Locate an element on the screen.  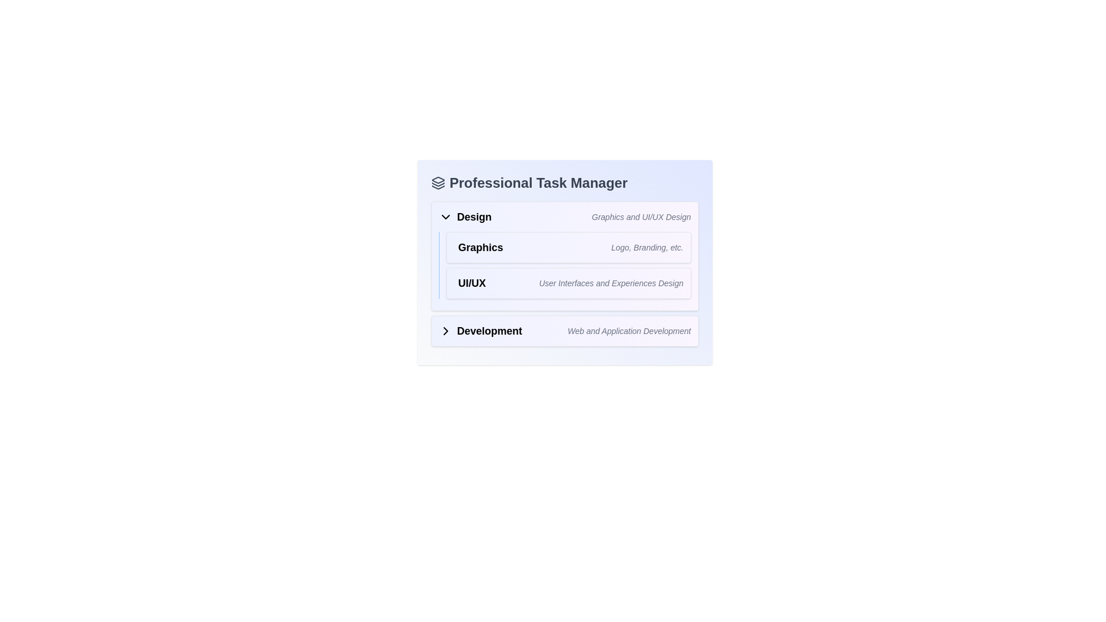
the italicized, light gray text reading 'Web and Application Development' located below the bolded 'Development' label is located at coordinates (628, 331).